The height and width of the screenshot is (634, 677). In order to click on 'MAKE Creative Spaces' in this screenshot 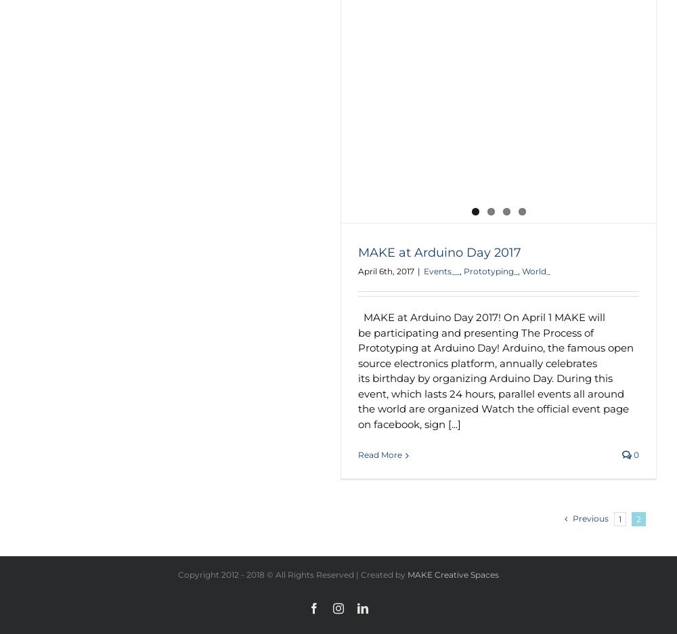, I will do `click(453, 574)`.